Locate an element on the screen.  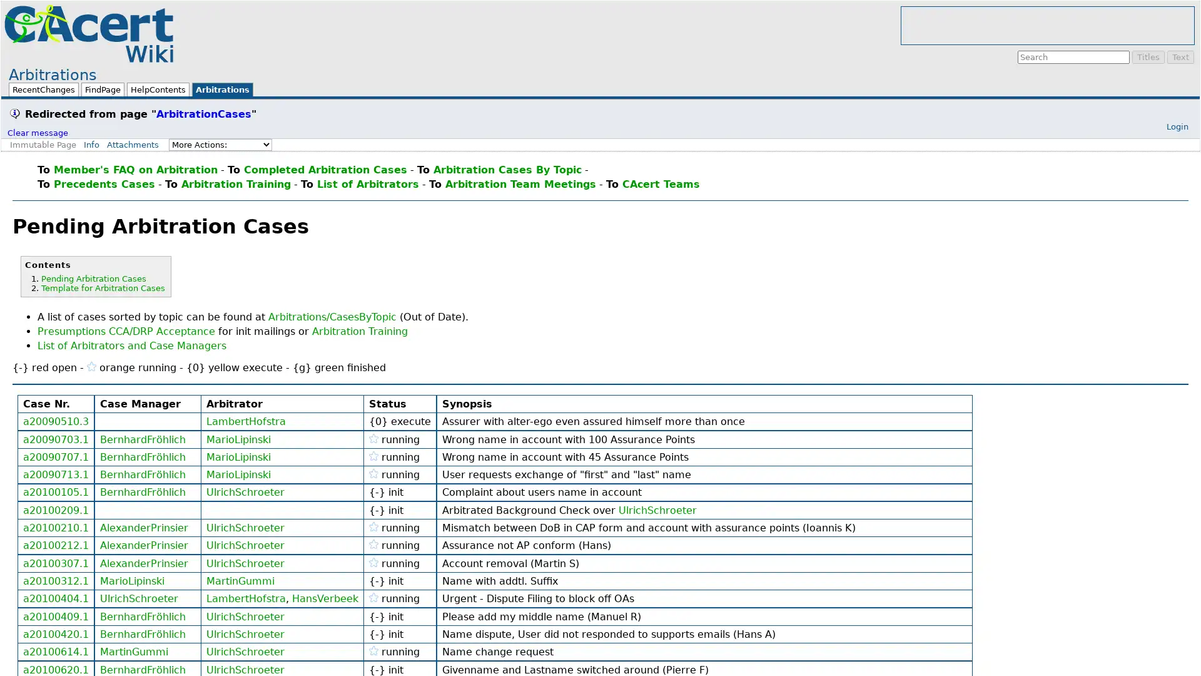
Titles is located at coordinates (1148, 57).